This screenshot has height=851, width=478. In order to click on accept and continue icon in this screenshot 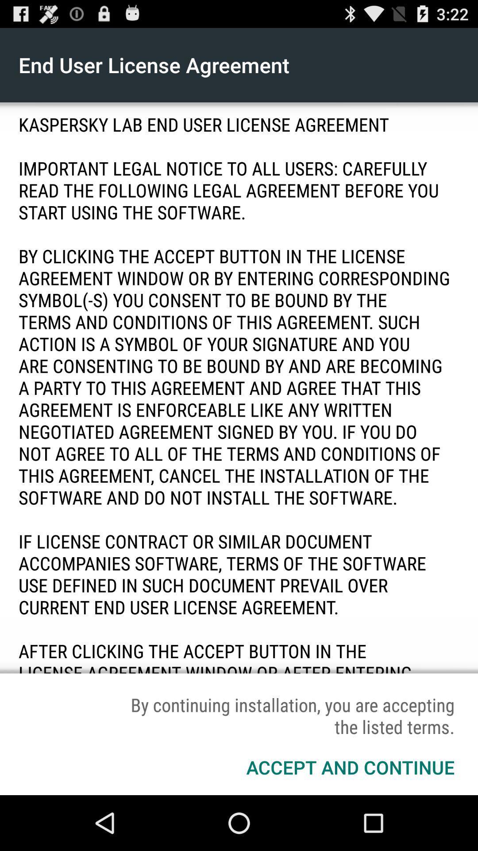, I will do `click(350, 767)`.